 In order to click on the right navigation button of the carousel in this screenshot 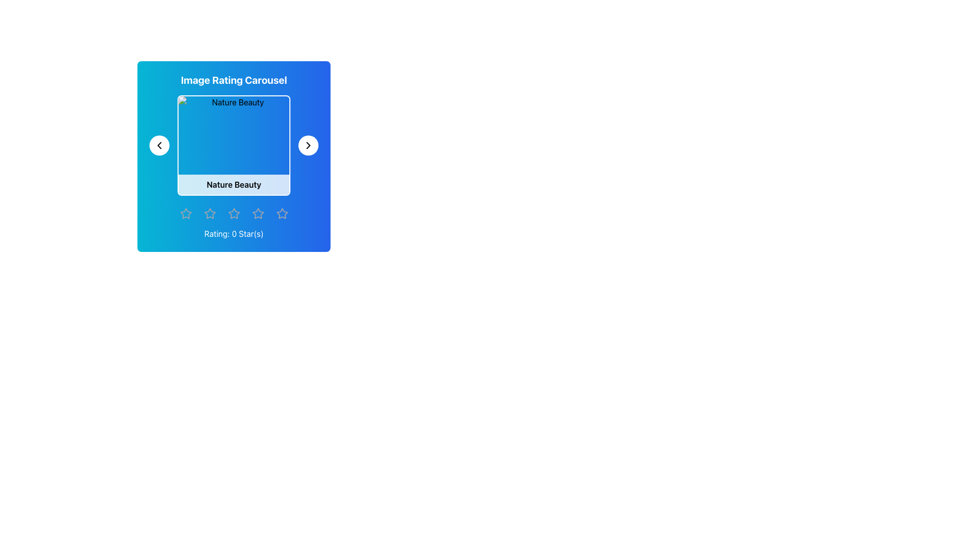, I will do `click(307, 145)`.